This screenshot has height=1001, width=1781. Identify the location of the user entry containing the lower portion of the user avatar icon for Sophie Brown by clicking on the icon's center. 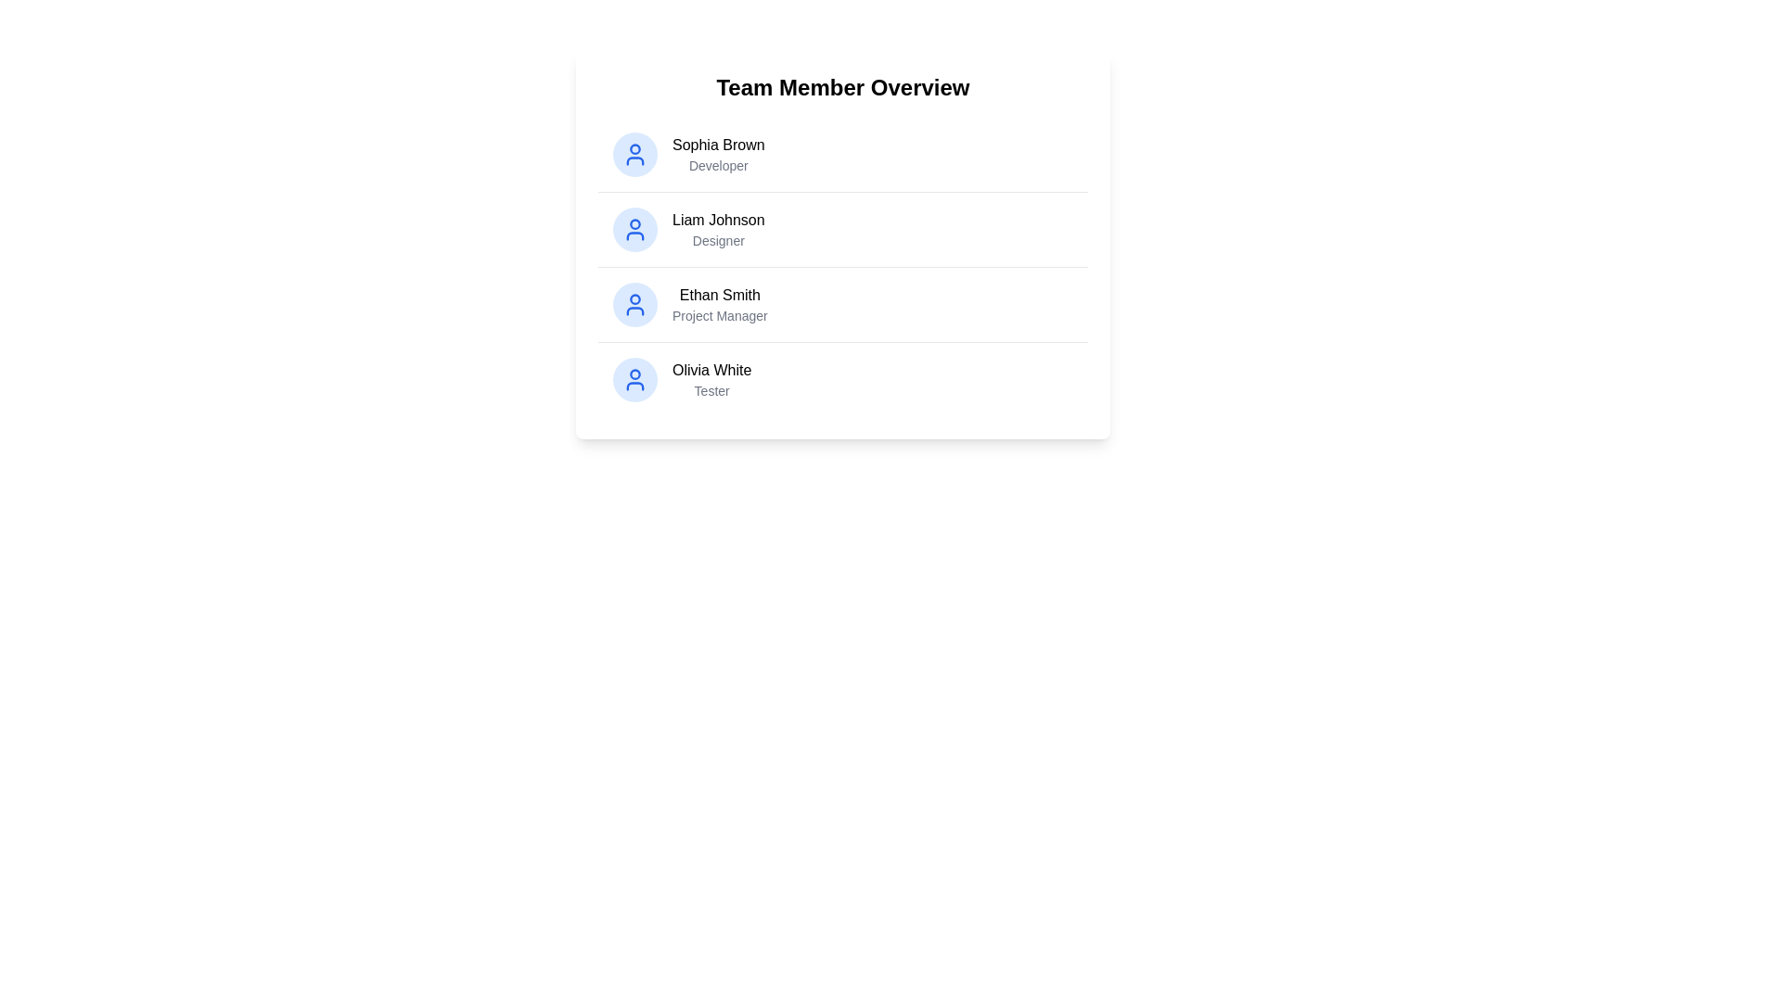
(635, 159).